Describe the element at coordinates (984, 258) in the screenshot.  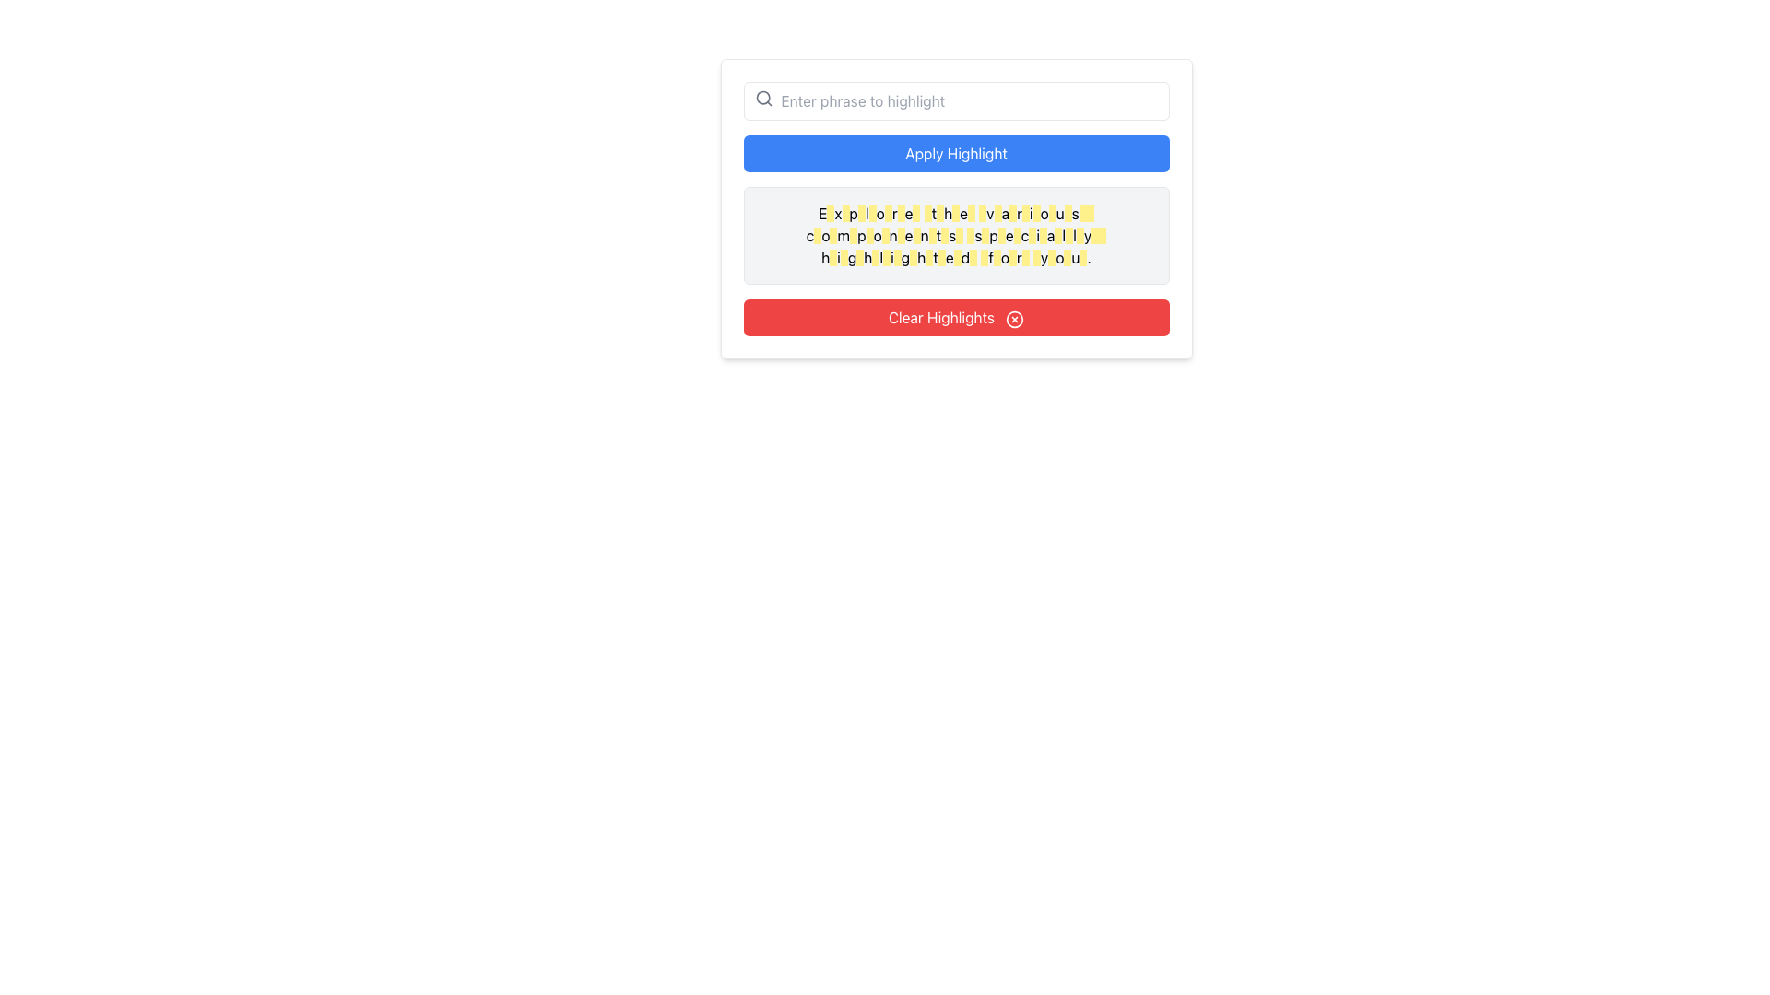
I see `the 13th Decorative Highlight in the message 'Explore the various components specially highlighted for you.'` at that location.